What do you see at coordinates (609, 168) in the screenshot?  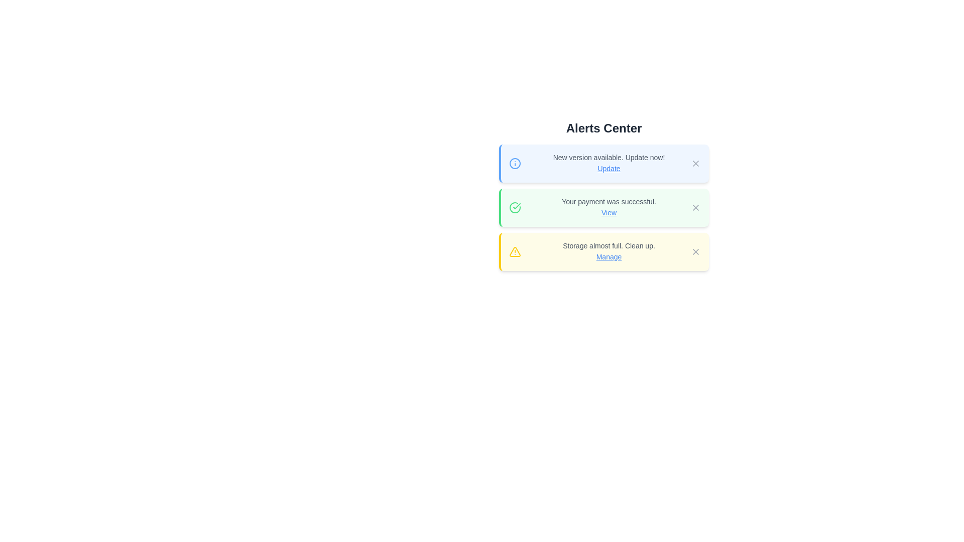 I see `the call-to-action link for updating, located in the first alert box under the 'Alerts Center' heading, aligned to the right of the message 'New version available. Update now!'` at bounding box center [609, 168].